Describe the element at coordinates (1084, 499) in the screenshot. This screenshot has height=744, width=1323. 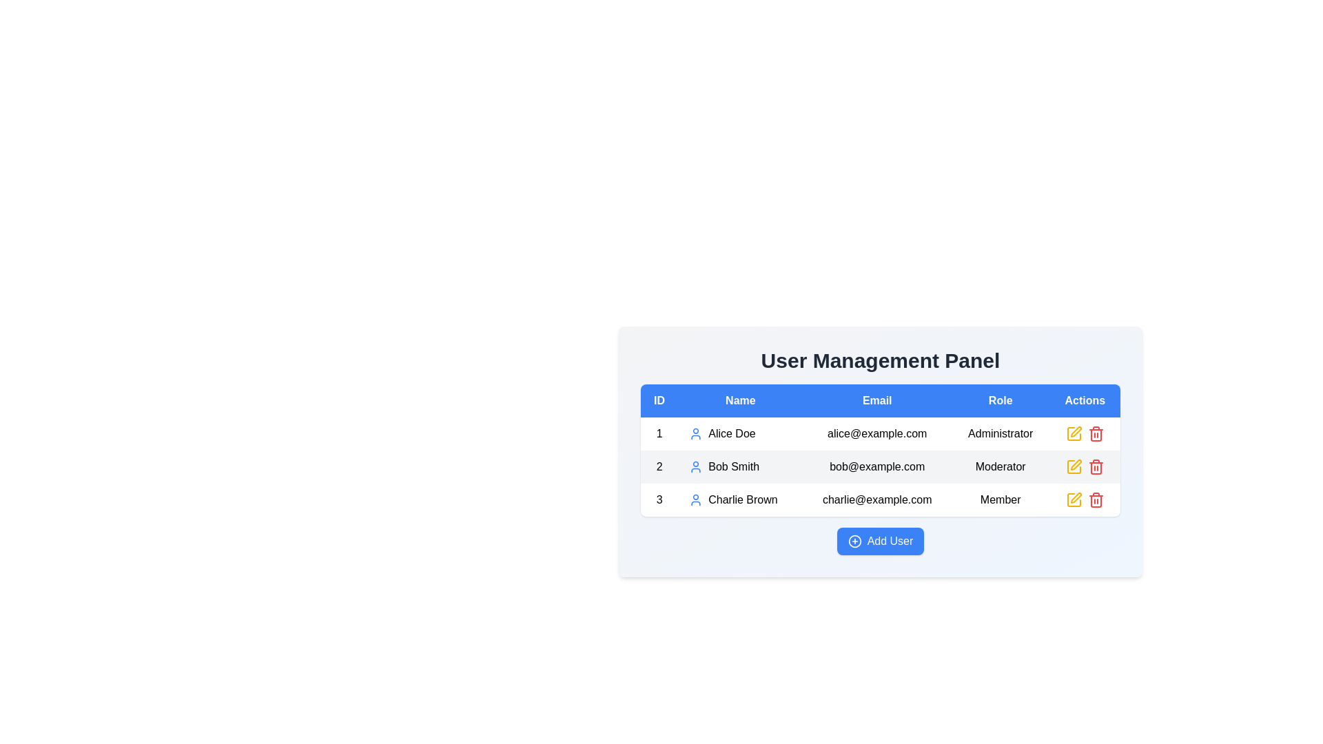
I see `the edit icon in the last row of the user table under the 'Actions' column` at that location.